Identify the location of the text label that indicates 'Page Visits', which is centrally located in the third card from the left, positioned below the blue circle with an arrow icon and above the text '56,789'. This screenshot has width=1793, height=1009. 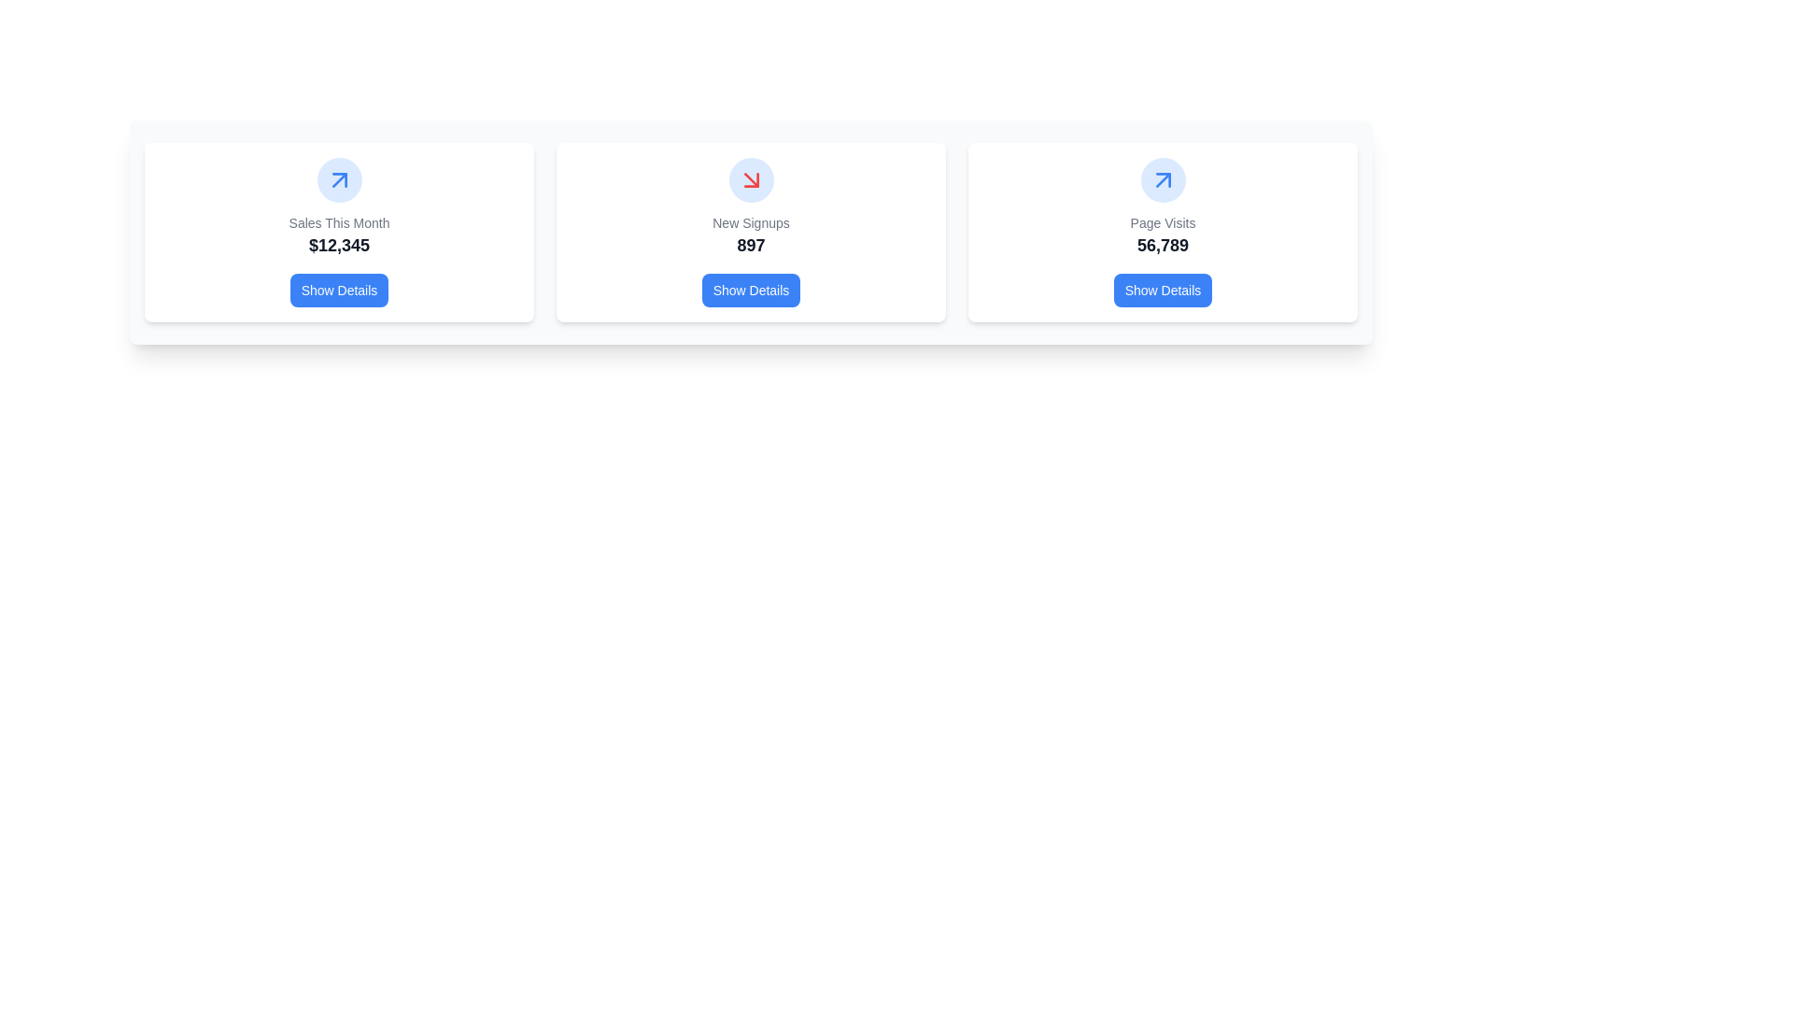
(1162, 222).